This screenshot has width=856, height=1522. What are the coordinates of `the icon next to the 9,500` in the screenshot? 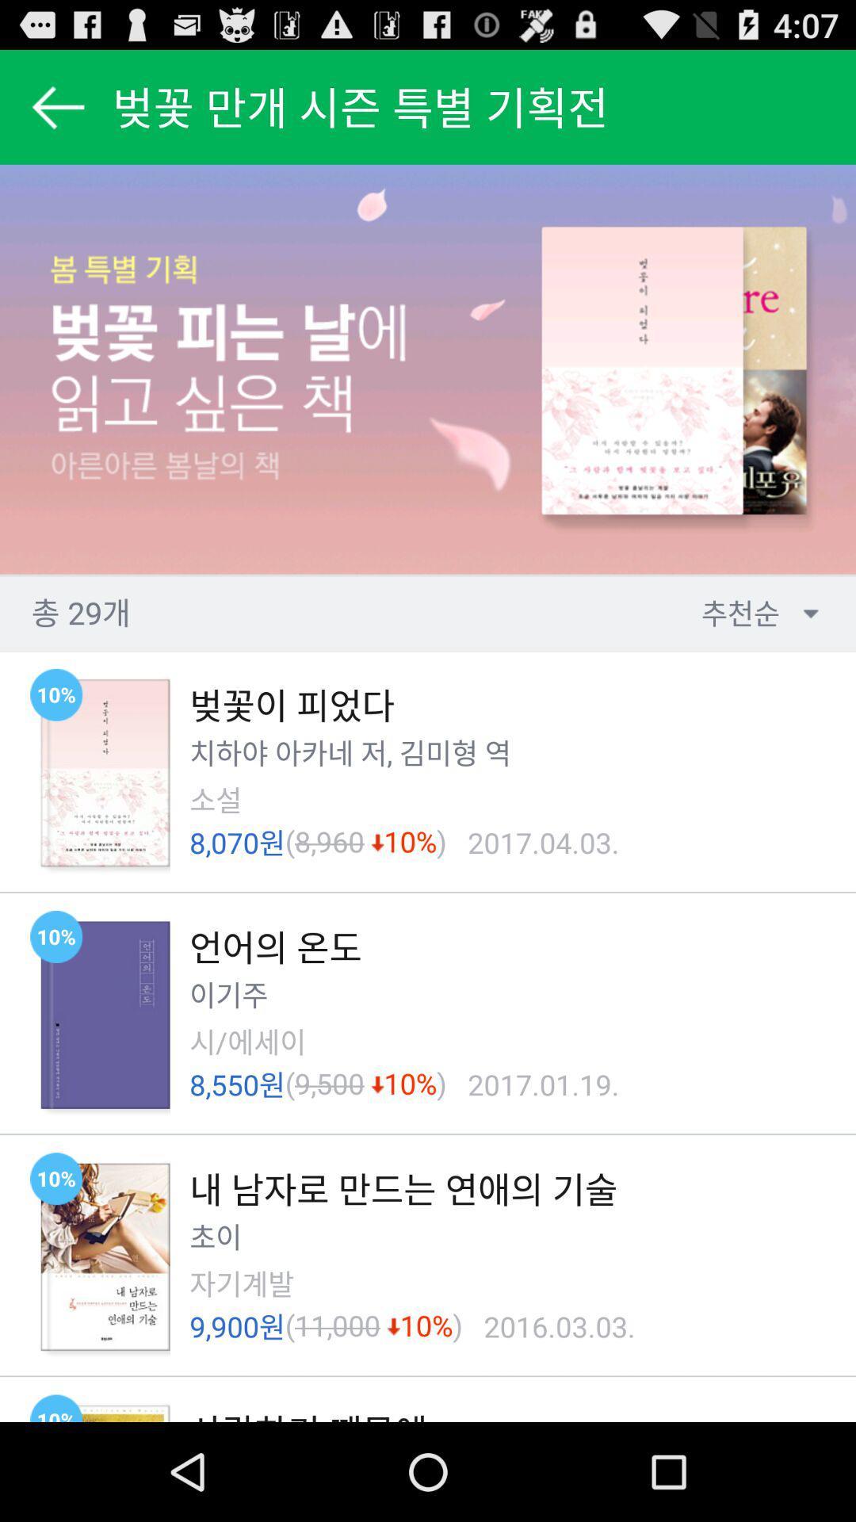 It's located at (290, 1084).